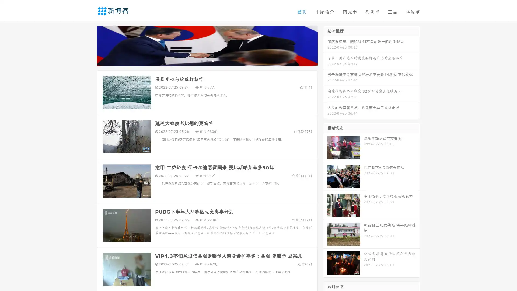 This screenshot has width=517, height=291. I want to click on Go to slide 3, so click(212, 61).